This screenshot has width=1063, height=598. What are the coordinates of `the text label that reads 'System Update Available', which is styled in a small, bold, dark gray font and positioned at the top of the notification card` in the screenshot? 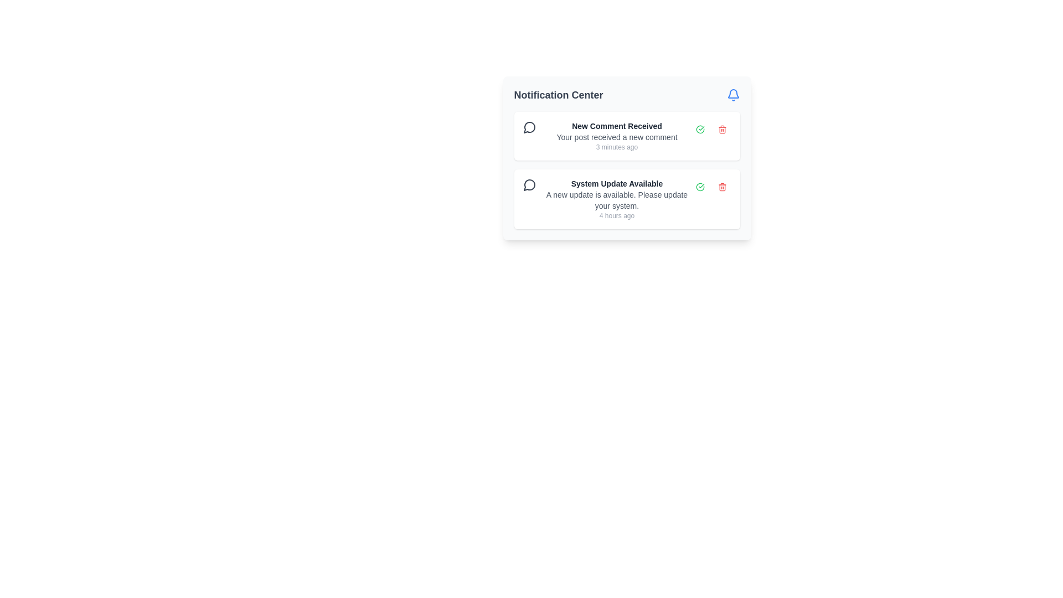 It's located at (616, 183).